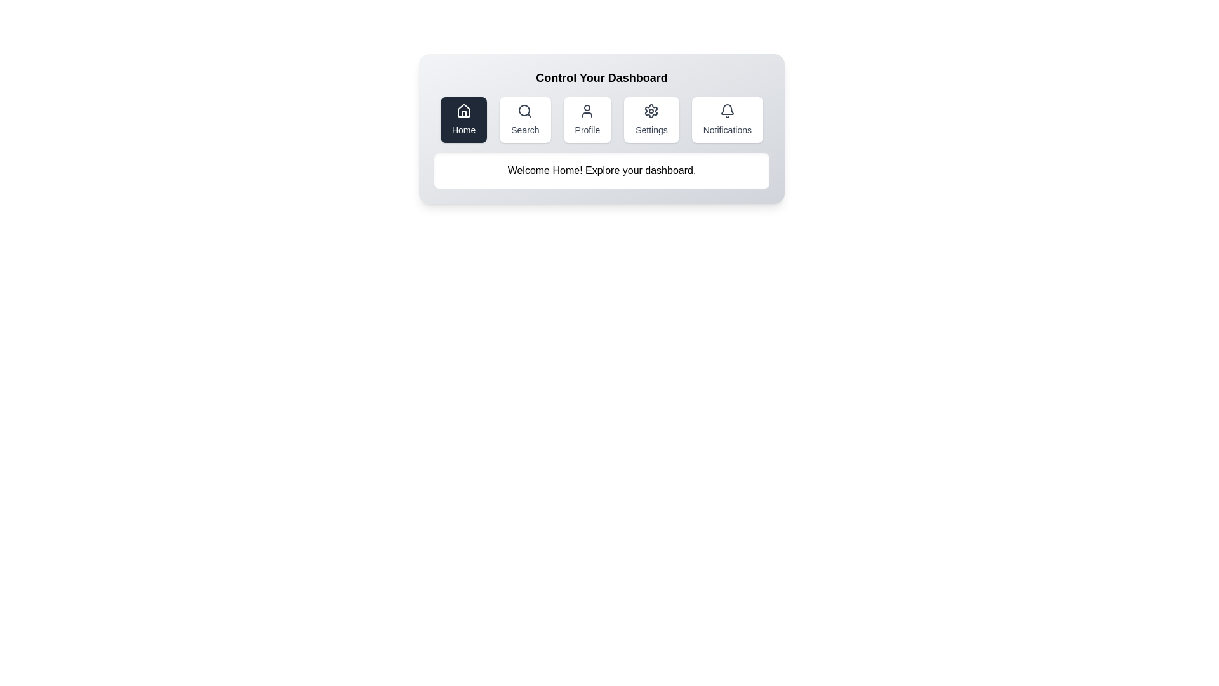  Describe the element at coordinates (587, 120) in the screenshot. I see `the 'Profile' button, which is a vertically aligned button with a white background and a circular user icon atop the text 'Profile', located at the center-right of the navigation menu to observe any visual transition effects` at that location.